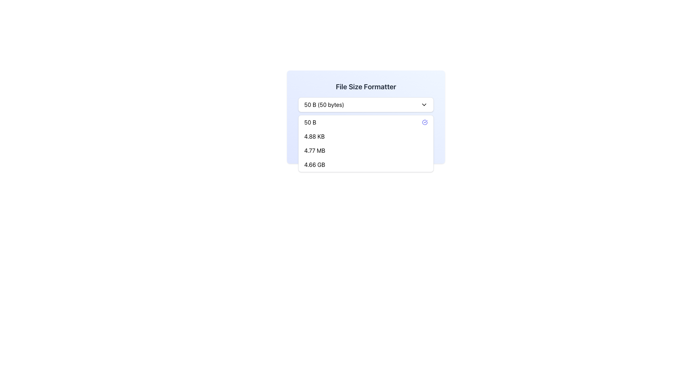 The width and height of the screenshot is (677, 381). I want to click on the non-interactive informational display that shows the currently selected file size in the 'File Size Formatter' box, located near the bottom after the dropdown selector, so click(366, 135).